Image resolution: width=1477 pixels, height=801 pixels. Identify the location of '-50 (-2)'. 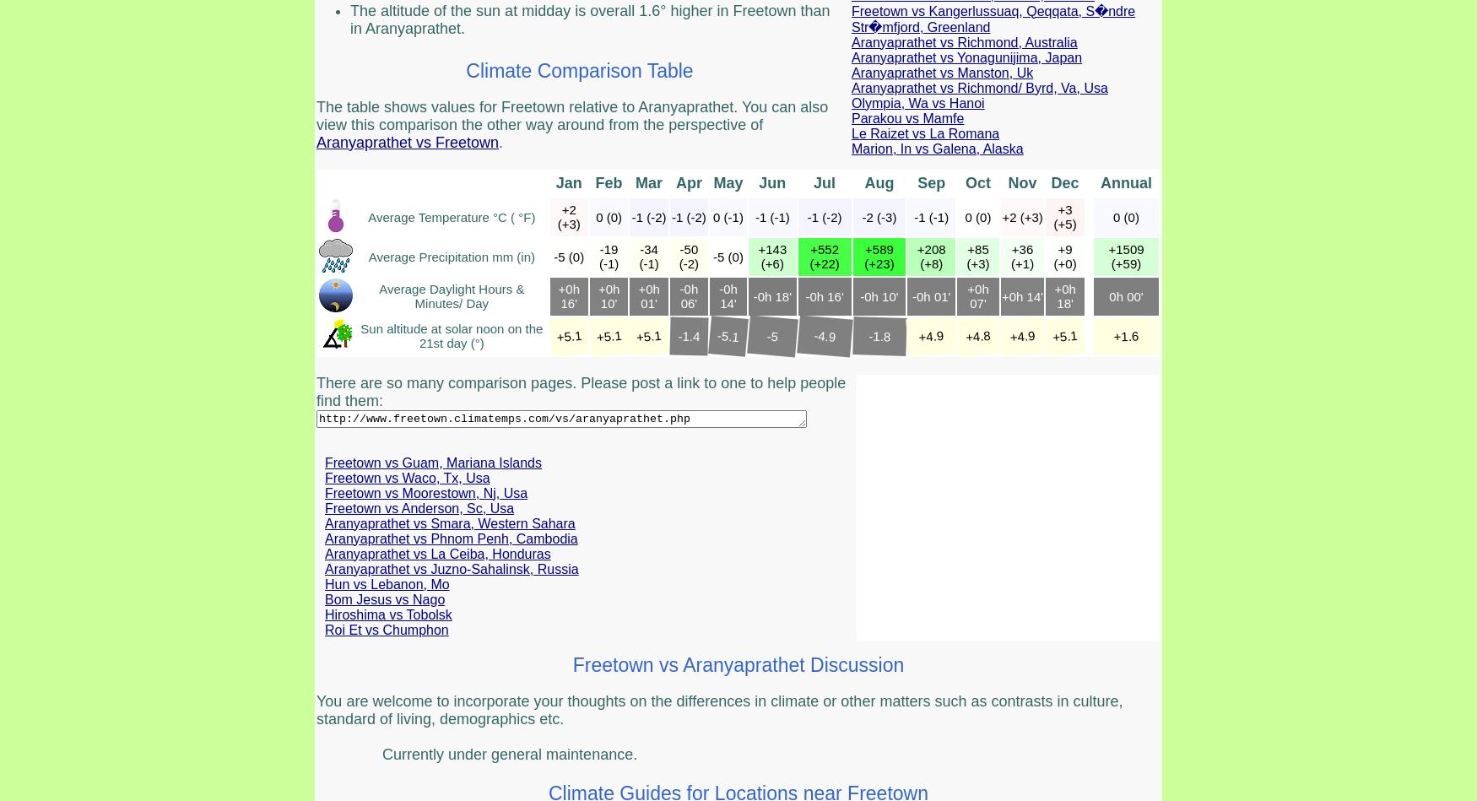
(689, 255).